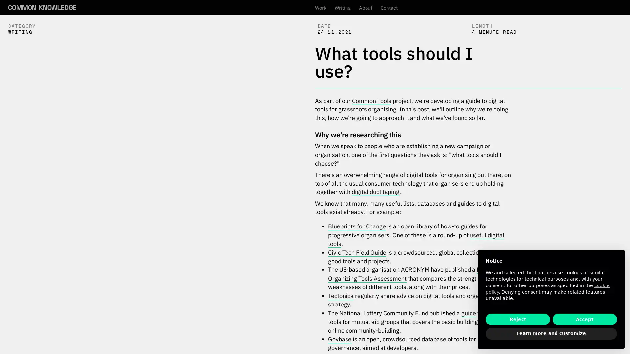  What do you see at coordinates (517, 319) in the screenshot?
I see `Reject` at bounding box center [517, 319].